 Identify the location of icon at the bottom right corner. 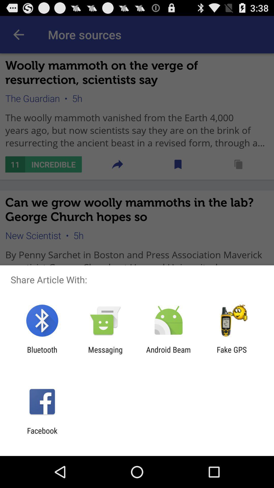
(232, 354).